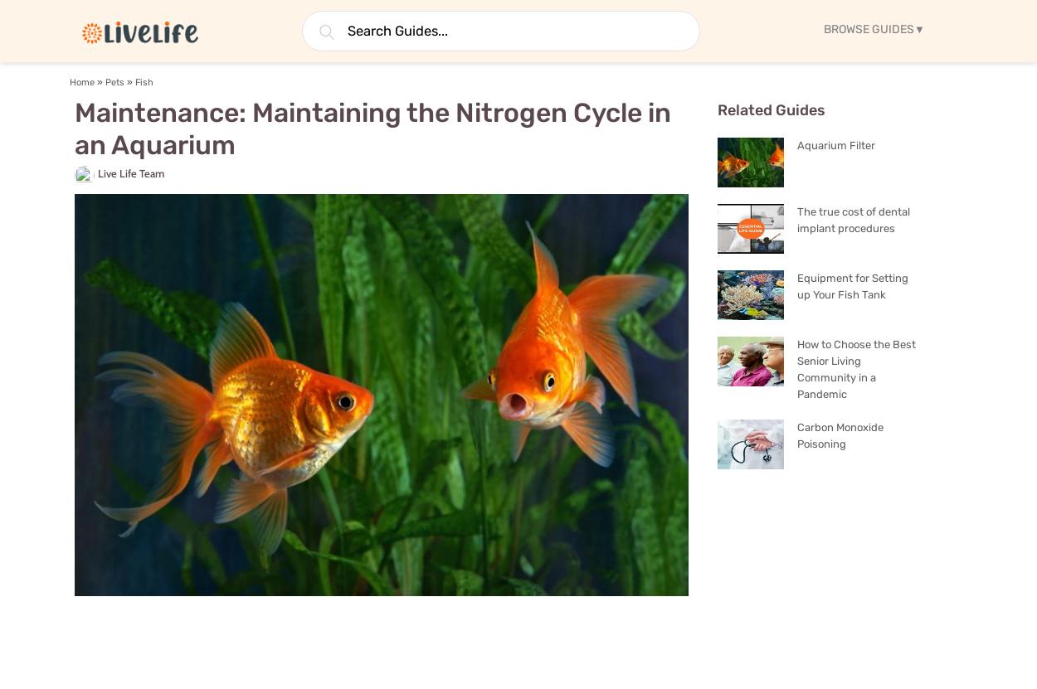 This screenshot has height=689, width=1037. What do you see at coordinates (80, 82) in the screenshot?
I see `'Home'` at bounding box center [80, 82].